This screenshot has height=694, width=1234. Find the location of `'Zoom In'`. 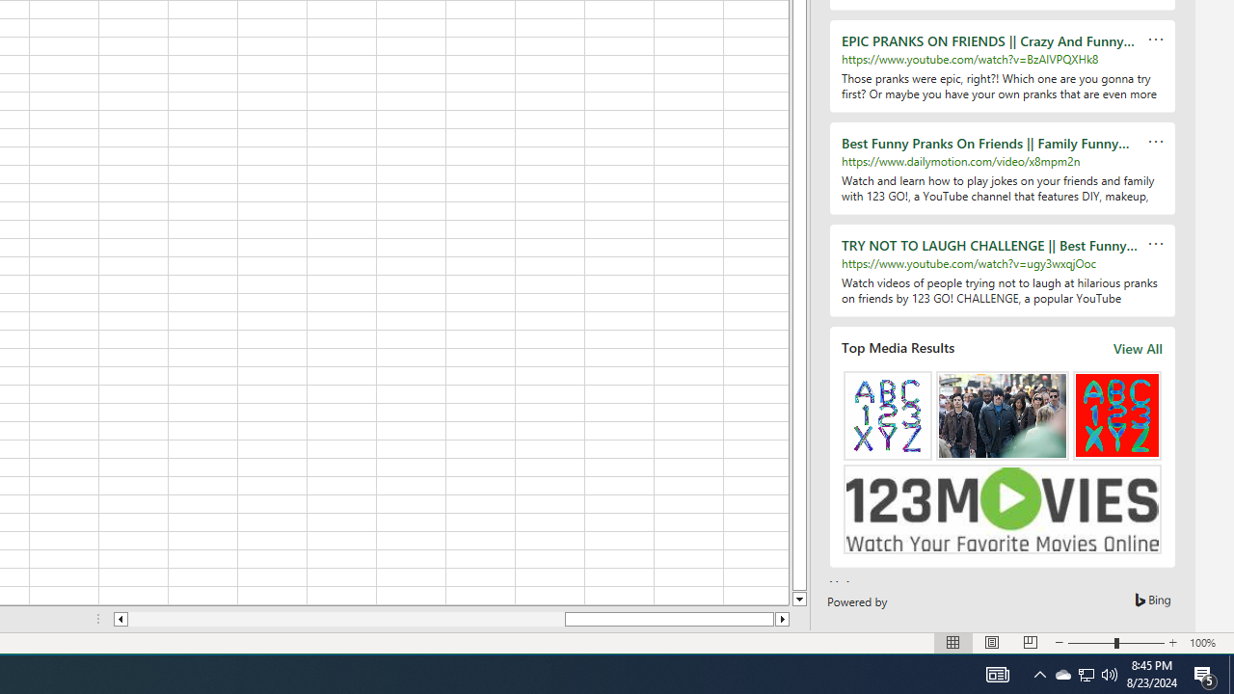

'Zoom In' is located at coordinates (1172, 643).